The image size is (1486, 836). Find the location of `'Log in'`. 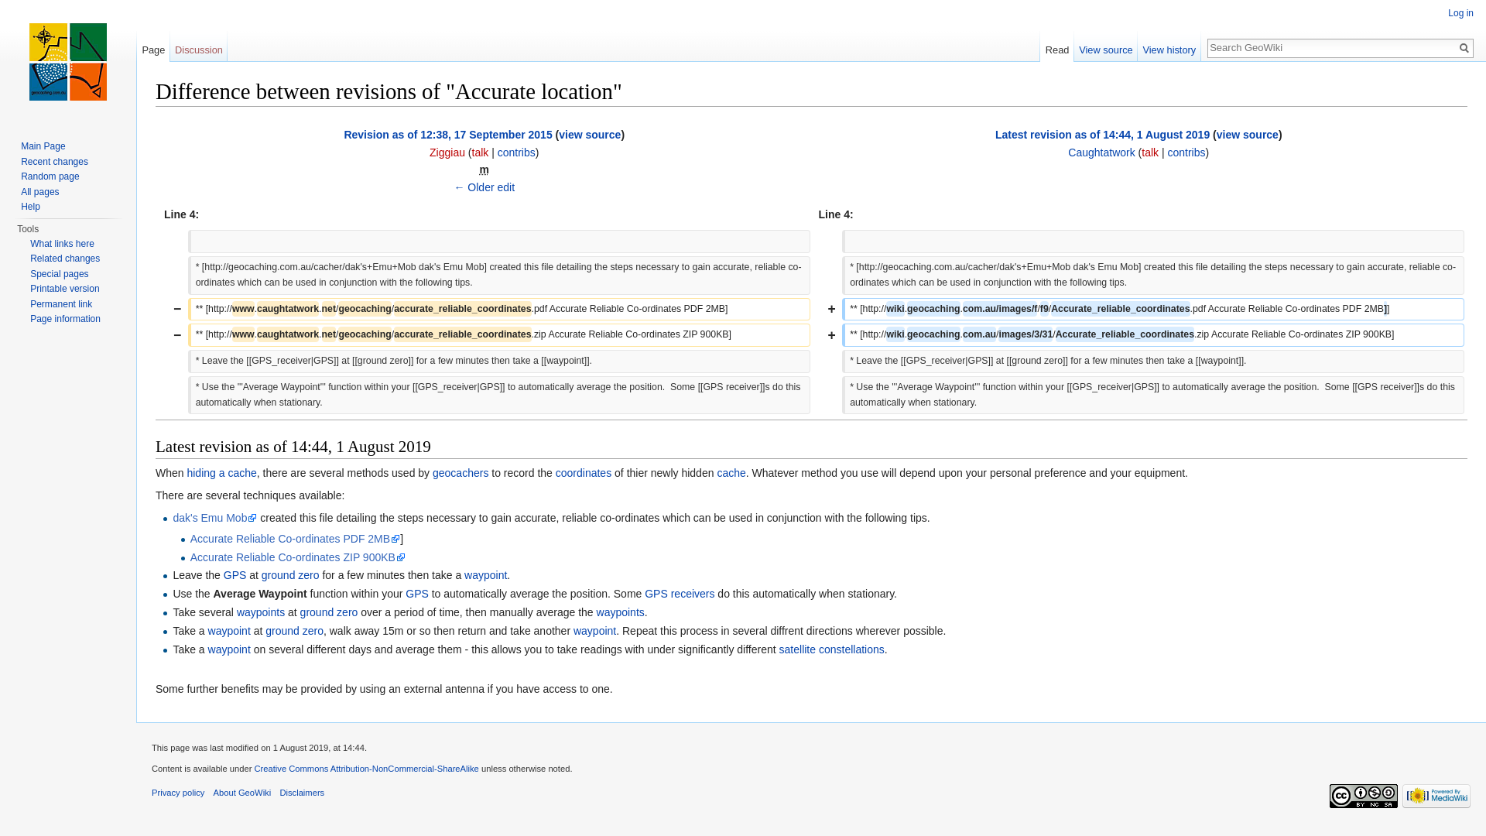

'Log in' is located at coordinates (1460, 12).